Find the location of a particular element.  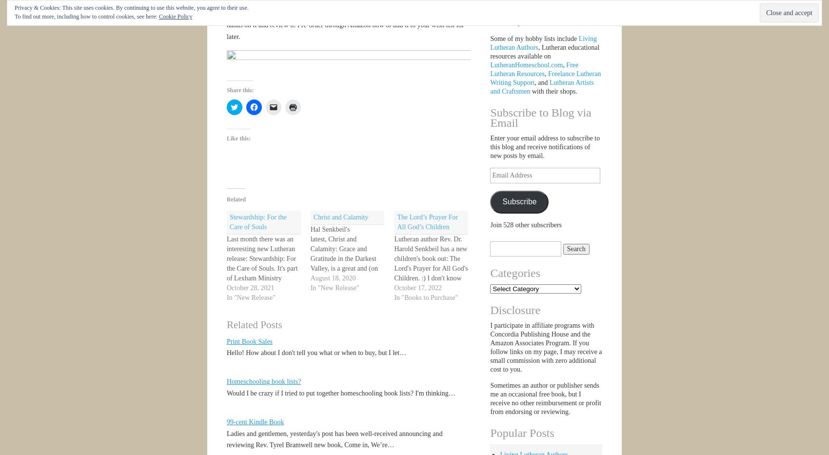

'To find out more, including how to control cookies, see here:' is located at coordinates (86, 16).